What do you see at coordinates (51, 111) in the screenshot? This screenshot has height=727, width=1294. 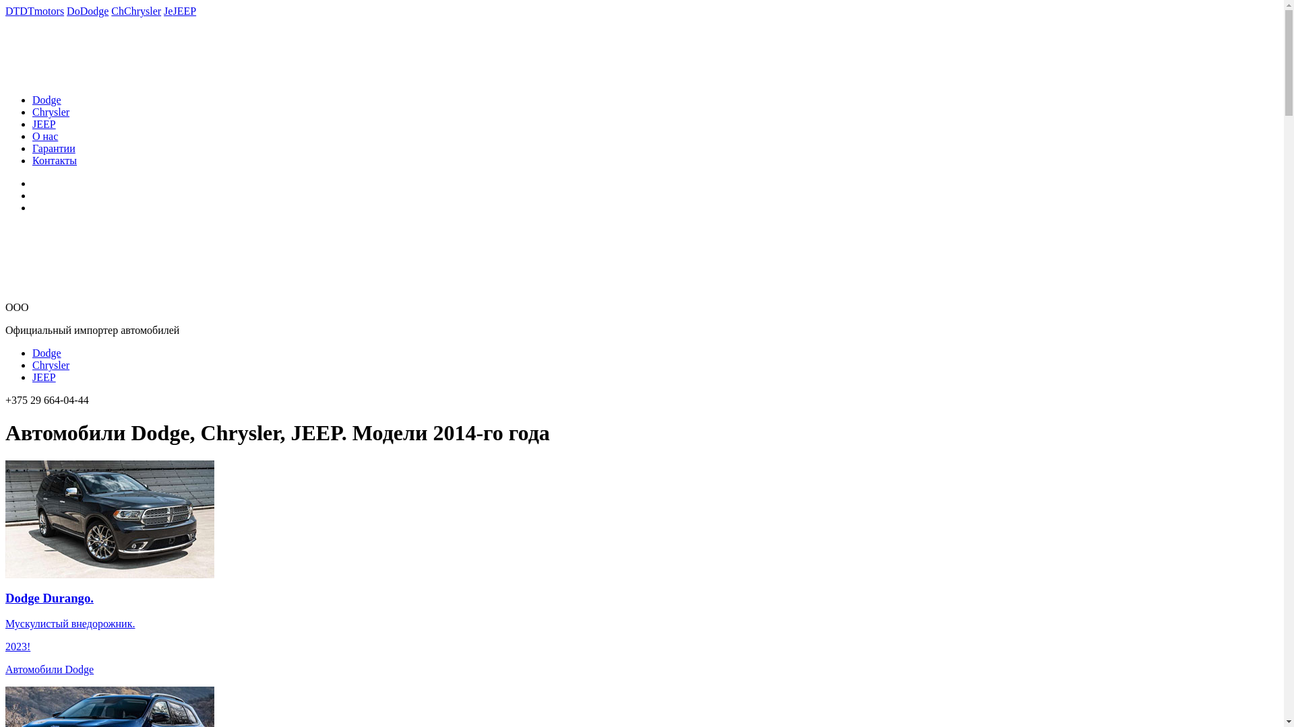 I see `'Chrysler'` at bounding box center [51, 111].